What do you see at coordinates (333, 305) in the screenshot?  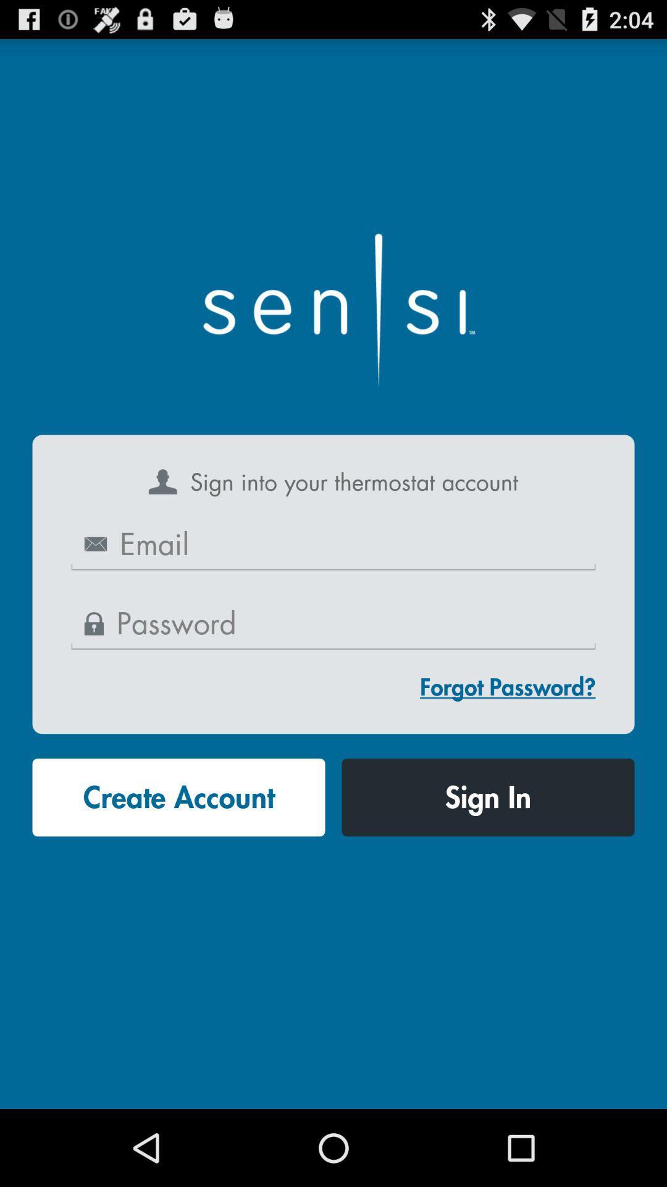 I see `the item at the top` at bounding box center [333, 305].